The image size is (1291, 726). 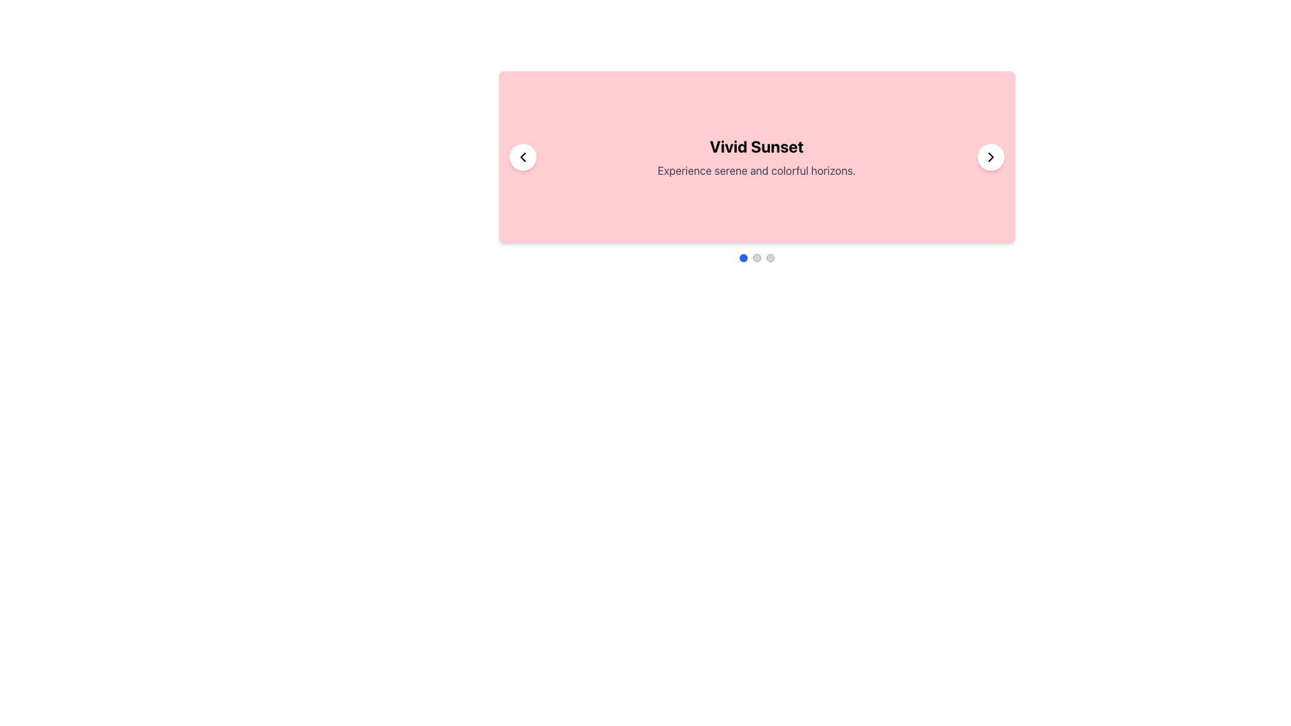 What do you see at coordinates (756, 157) in the screenshot?
I see `the text display titled 'Vivid Sunset', which includes the description 'Experience serene and colorful horizons.'` at bounding box center [756, 157].